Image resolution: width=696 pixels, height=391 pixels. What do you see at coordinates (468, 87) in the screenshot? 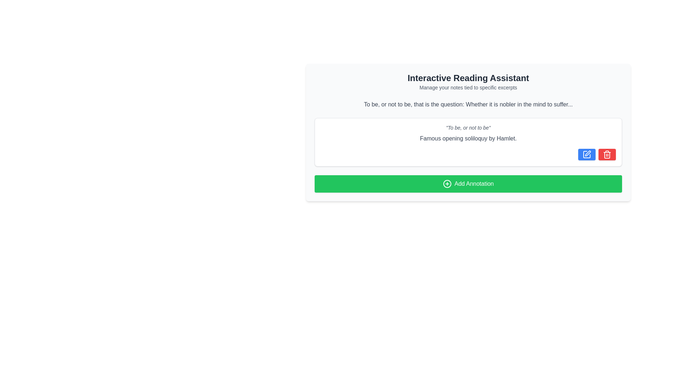
I see `the static text displaying 'Manage your notes tied to specific excerpts', which is located below the title 'Interactive Reading Assistant'` at bounding box center [468, 87].